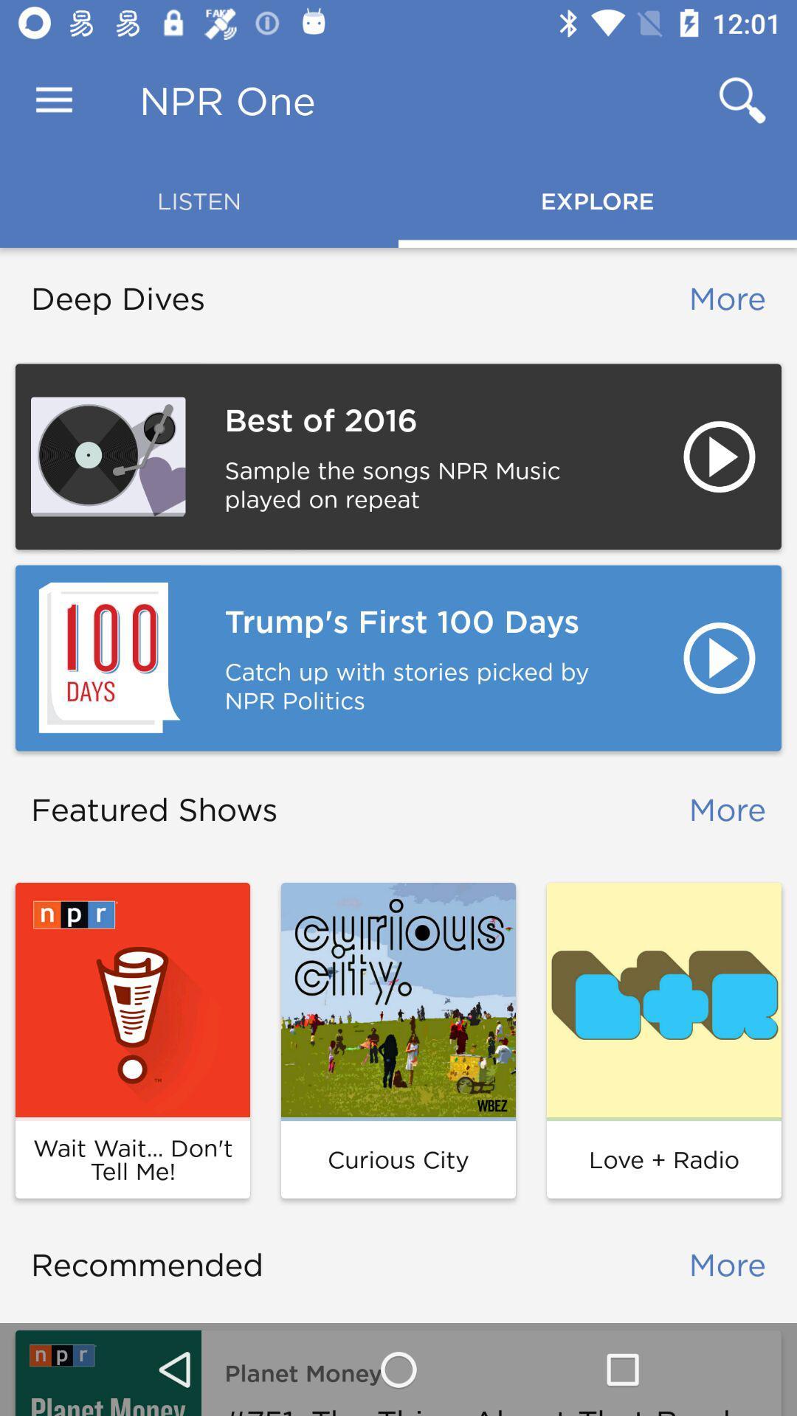 This screenshot has width=797, height=1416. What do you see at coordinates (53, 100) in the screenshot?
I see `item above deep dives icon` at bounding box center [53, 100].